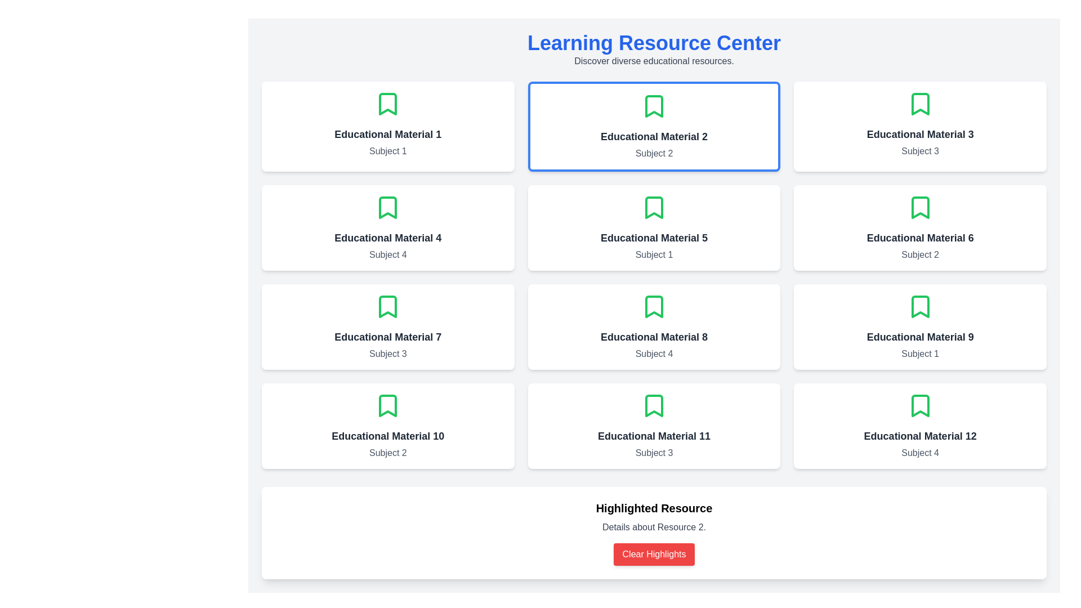 This screenshot has width=1081, height=608. What do you see at coordinates (920, 436) in the screenshot?
I see `the Text label that identifies educational material number 12, located in the bottom-right card of the grid layout, centered above 'Subject 4'` at bounding box center [920, 436].